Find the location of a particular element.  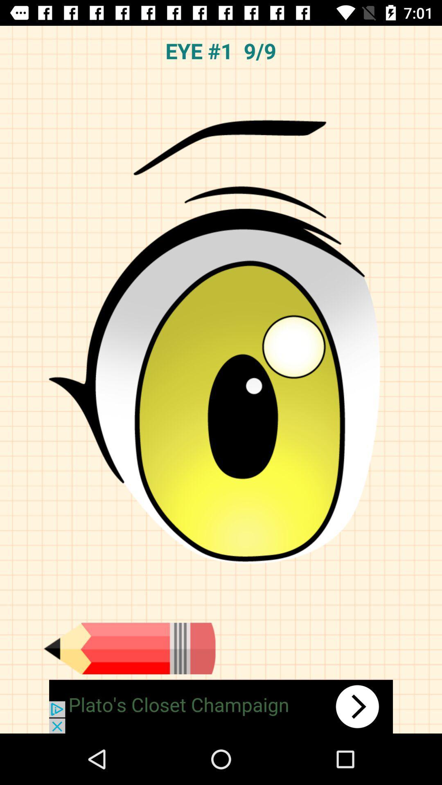

visit advertisement page is located at coordinates (221, 706).